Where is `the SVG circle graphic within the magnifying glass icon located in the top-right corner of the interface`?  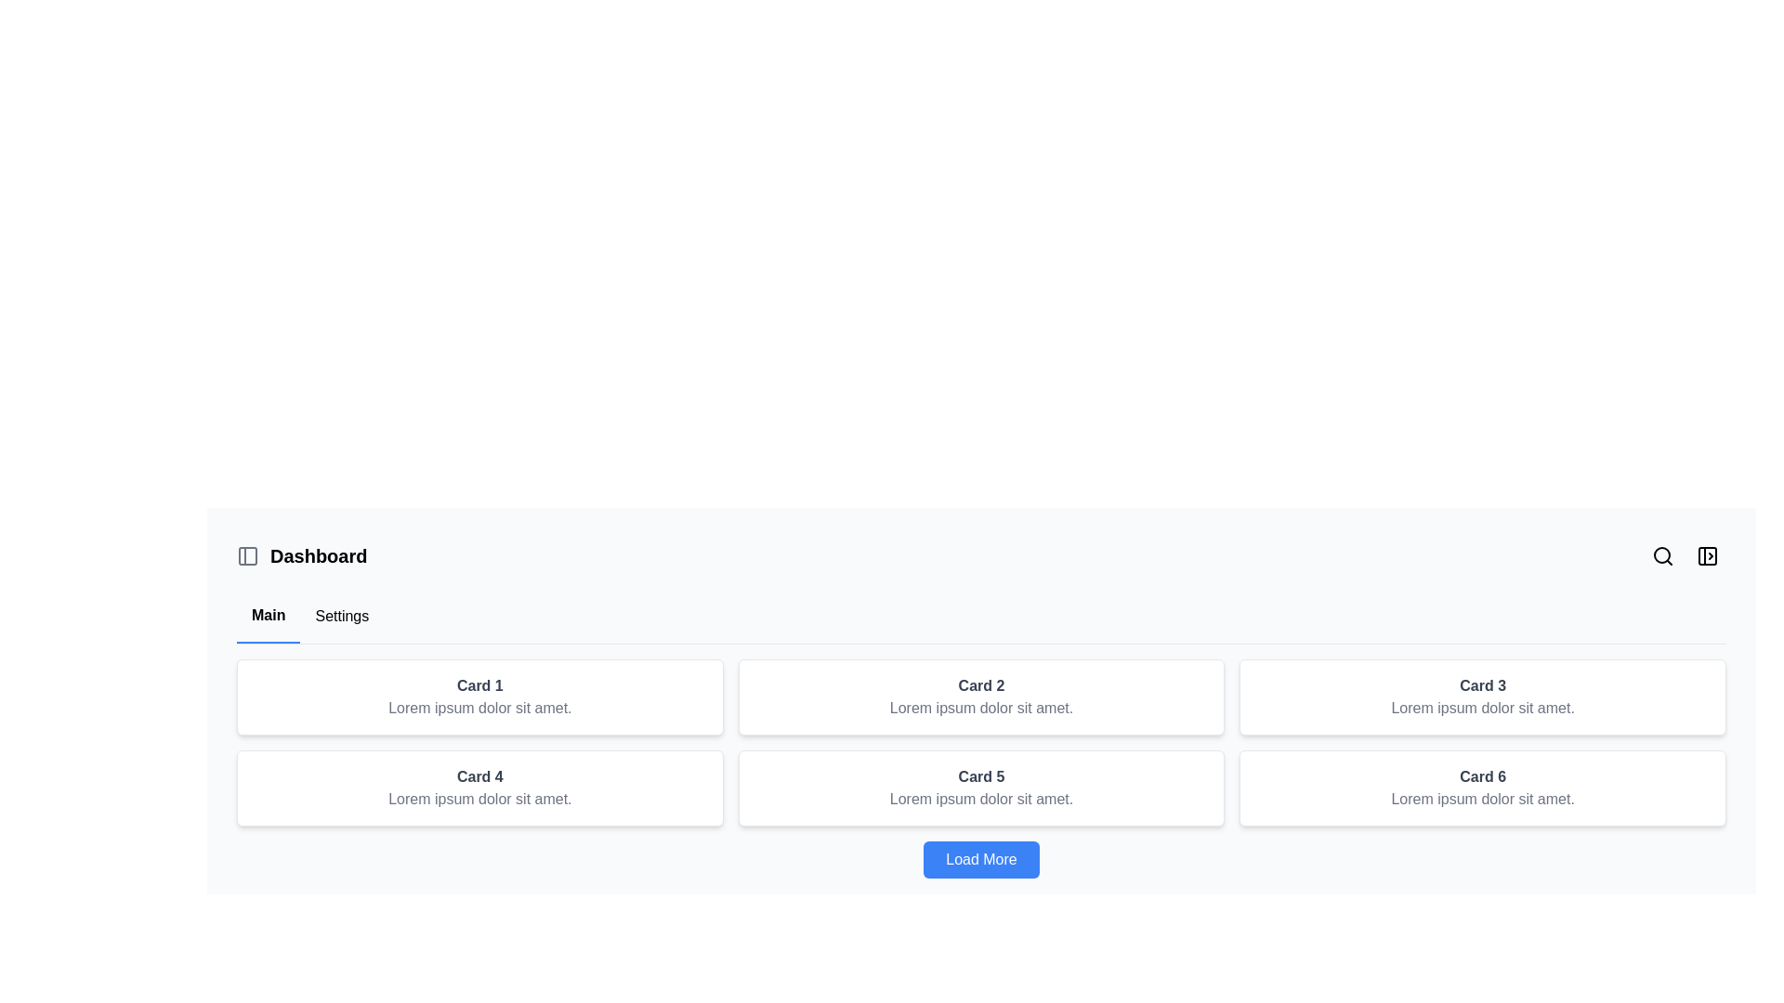 the SVG circle graphic within the magnifying glass icon located in the top-right corner of the interface is located at coordinates (1662, 554).